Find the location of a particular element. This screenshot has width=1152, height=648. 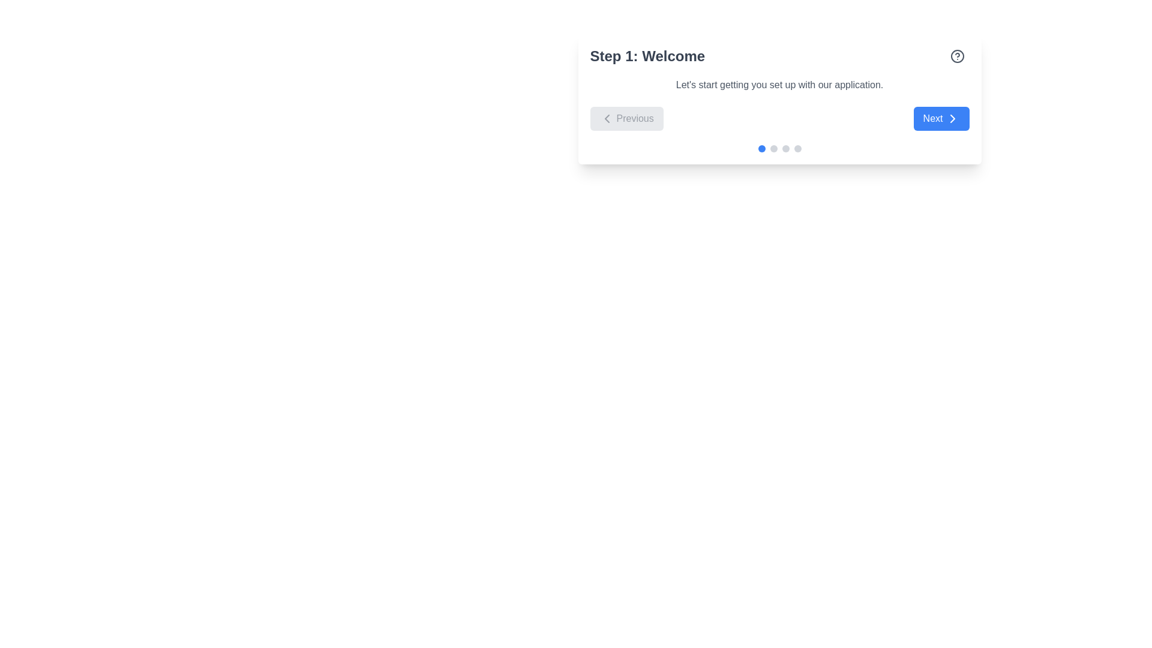

the introductory text label that explains the purpose of the current step in the setup process, located below 'Step 1: Welcome' is located at coordinates (779, 85).